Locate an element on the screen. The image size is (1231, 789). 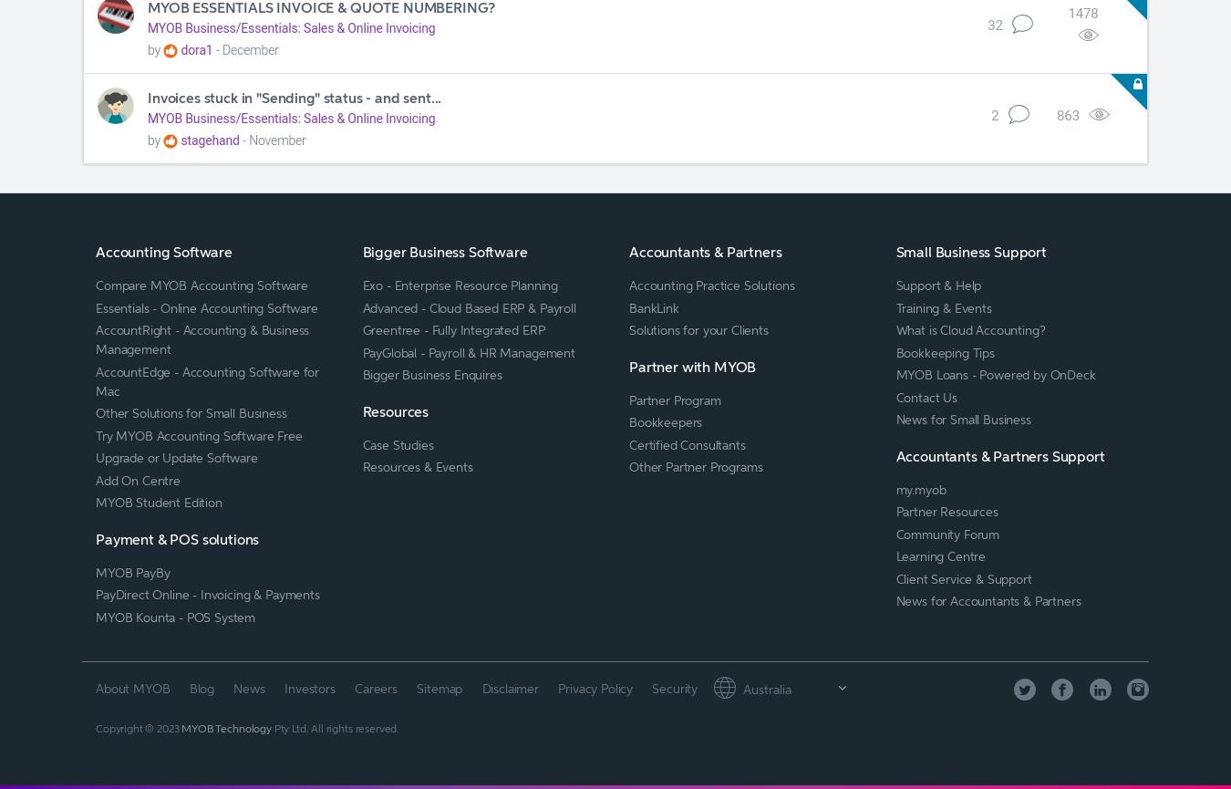
'863' is located at coordinates (1066, 115).